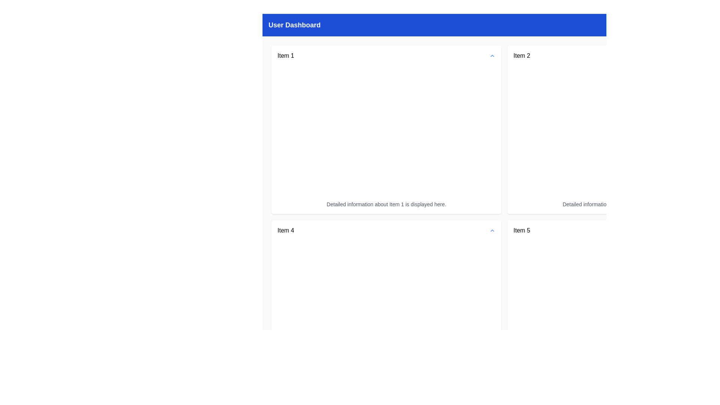  What do you see at coordinates (386, 304) in the screenshot?
I see `the Information Display Card titled 'Item 4', which is a white rectangular card with rounded corners located in the first column of the second row in a grid layout` at bounding box center [386, 304].